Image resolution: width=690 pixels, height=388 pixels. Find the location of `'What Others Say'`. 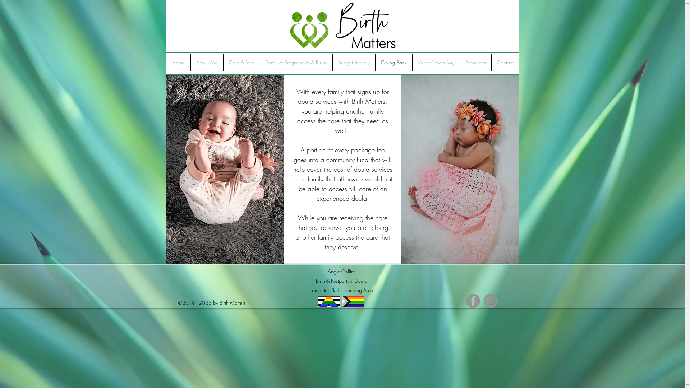

'What Others Say' is located at coordinates (436, 62).